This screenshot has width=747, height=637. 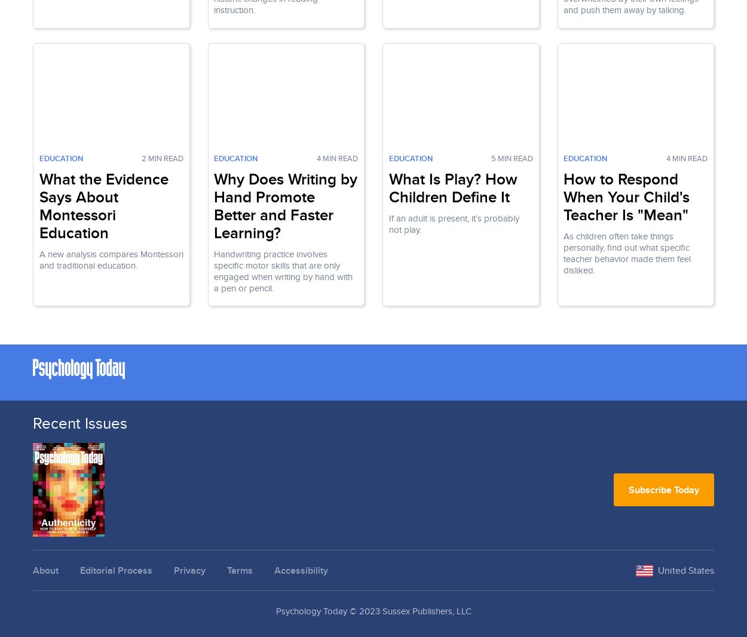 I want to click on '2 Min Read', so click(x=162, y=157).